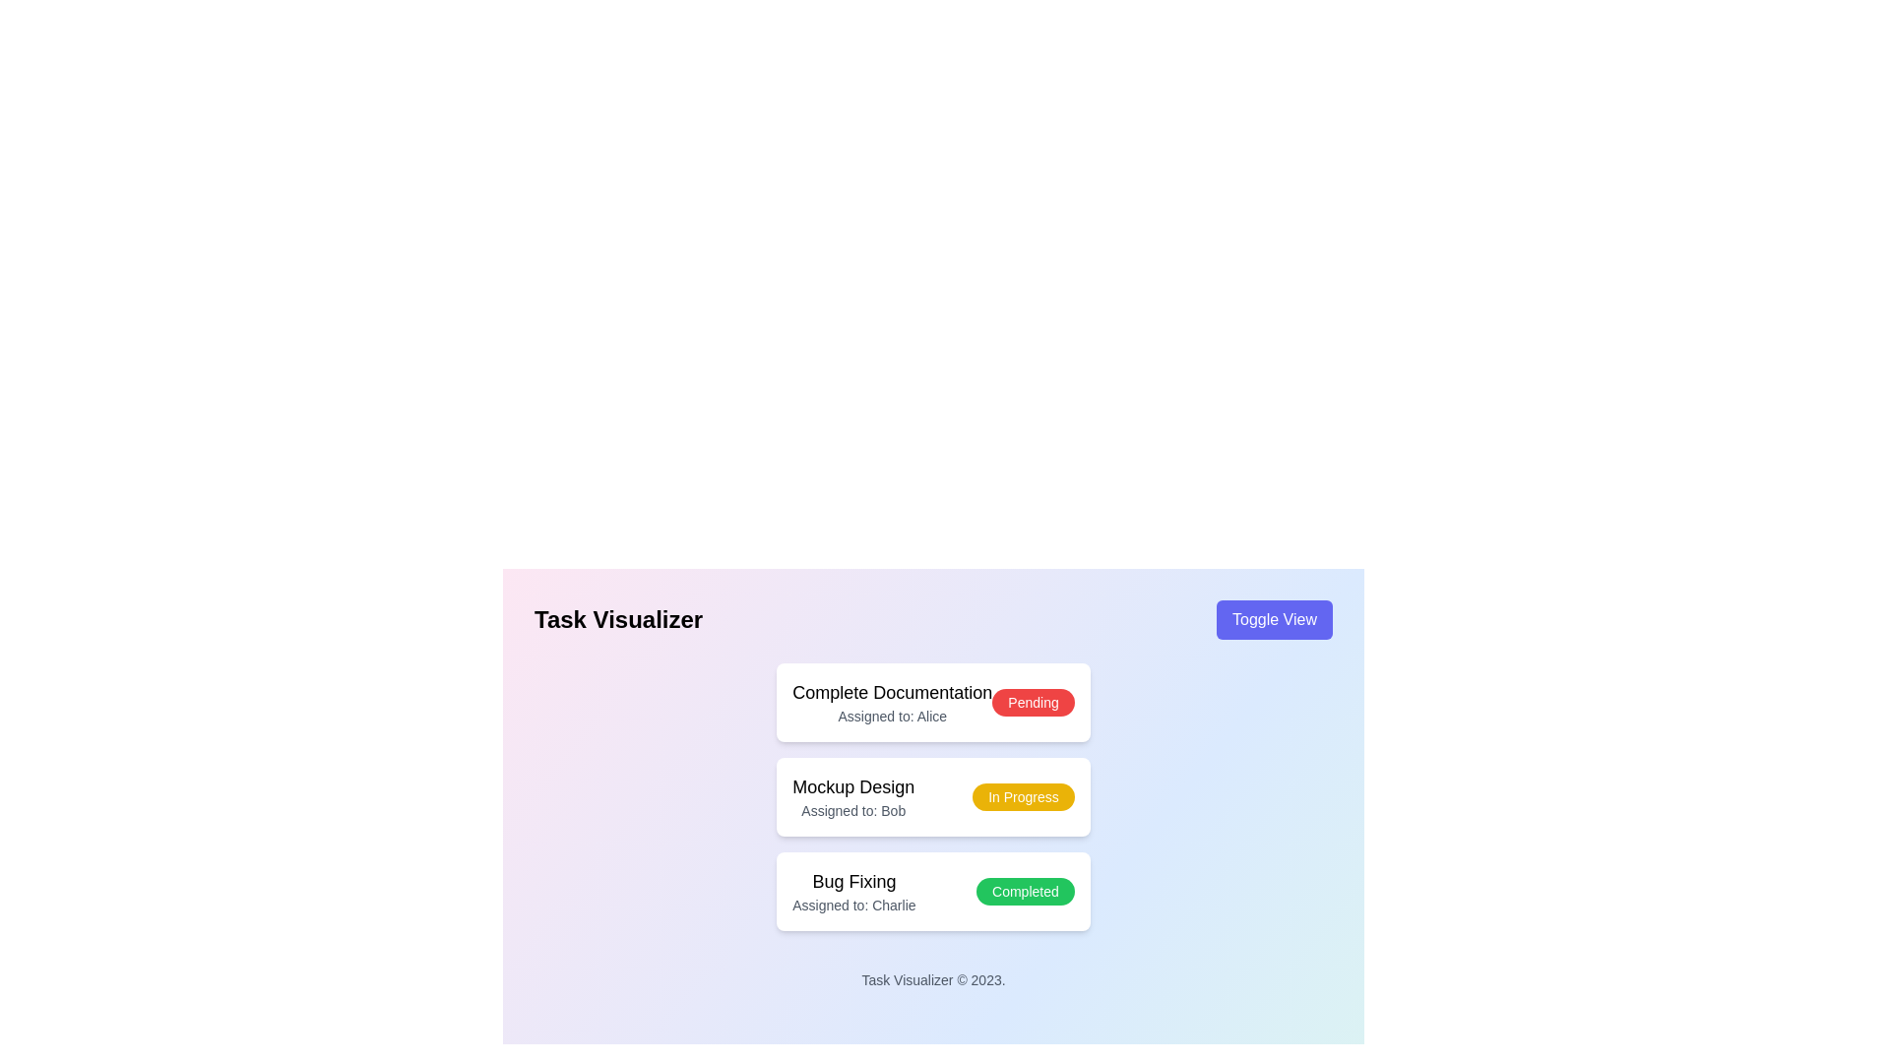 This screenshot has height=1063, width=1890. What do you see at coordinates (932, 892) in the screenshot?
I see `the completion status of the 'Bug Fixing' task card, which is the third card in a vertical list and marked as completed` at bounding box center [932, 892].